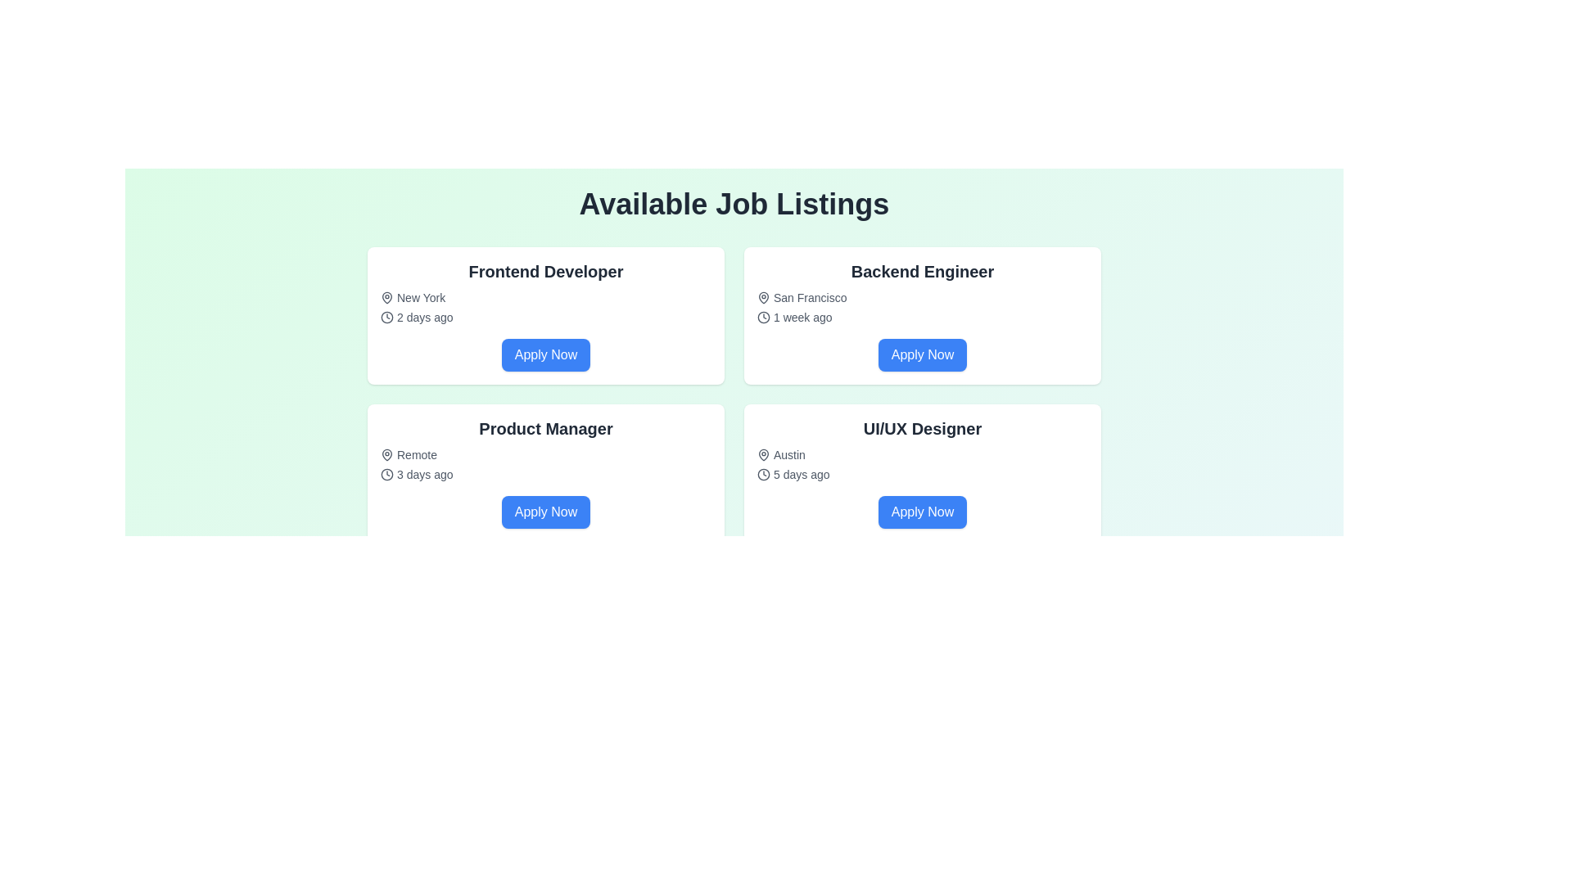  What do you see at coordinates (386, 297) in the screenshot?
I see `the location indicator icon for 'New York', which is positioned directly to the left of the text 'New York' in the job listing for 'Frontend Developer'` at bounding box center [386, 297].